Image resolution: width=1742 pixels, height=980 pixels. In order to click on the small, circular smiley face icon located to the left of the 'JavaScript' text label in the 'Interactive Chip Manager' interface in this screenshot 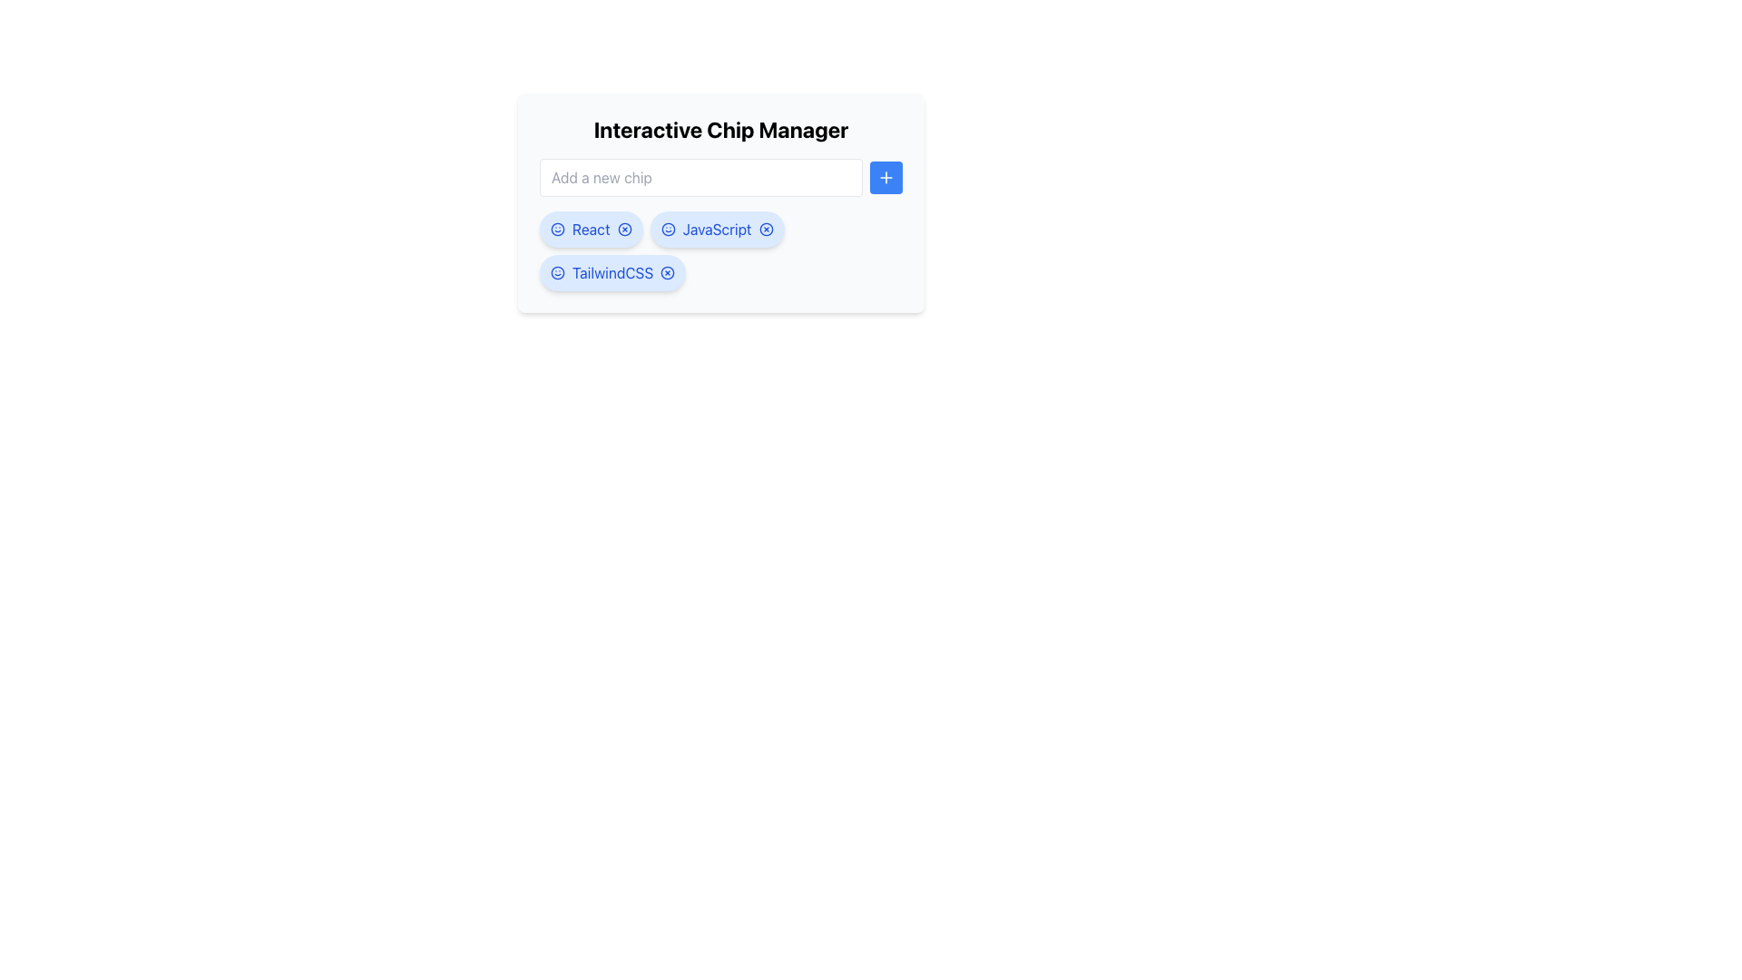, I will do `click(667, 229)`.